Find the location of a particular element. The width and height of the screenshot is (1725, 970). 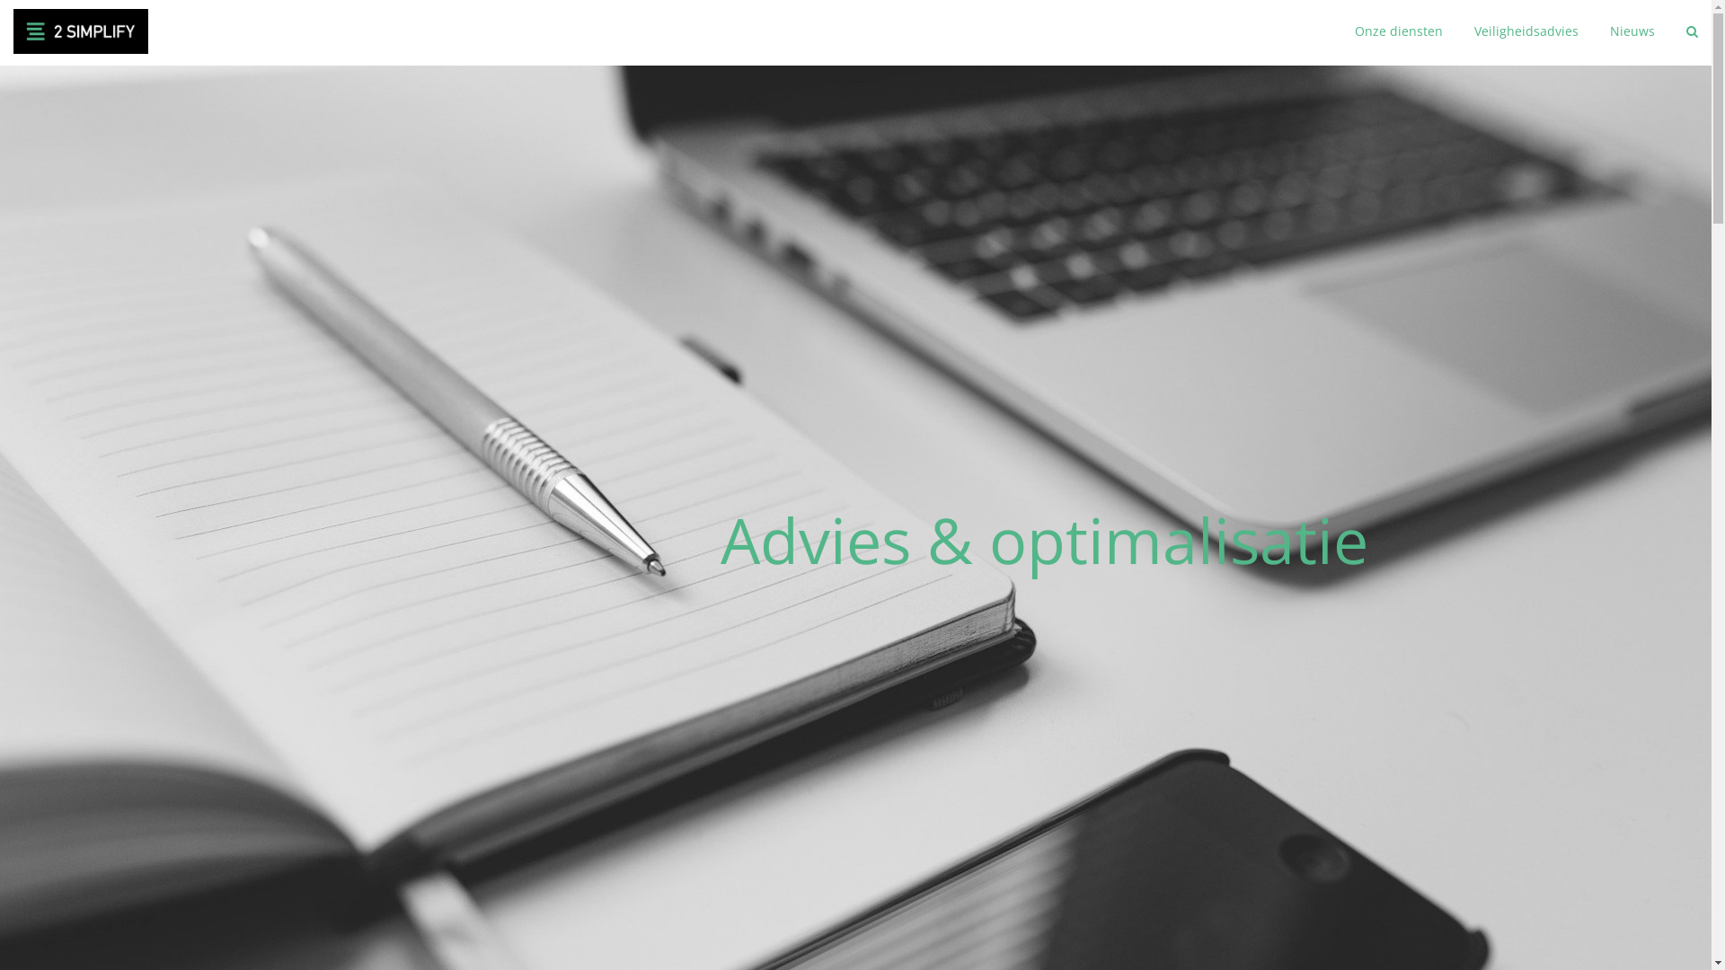

'Nieuws' is located at coordinates (1609, 31).